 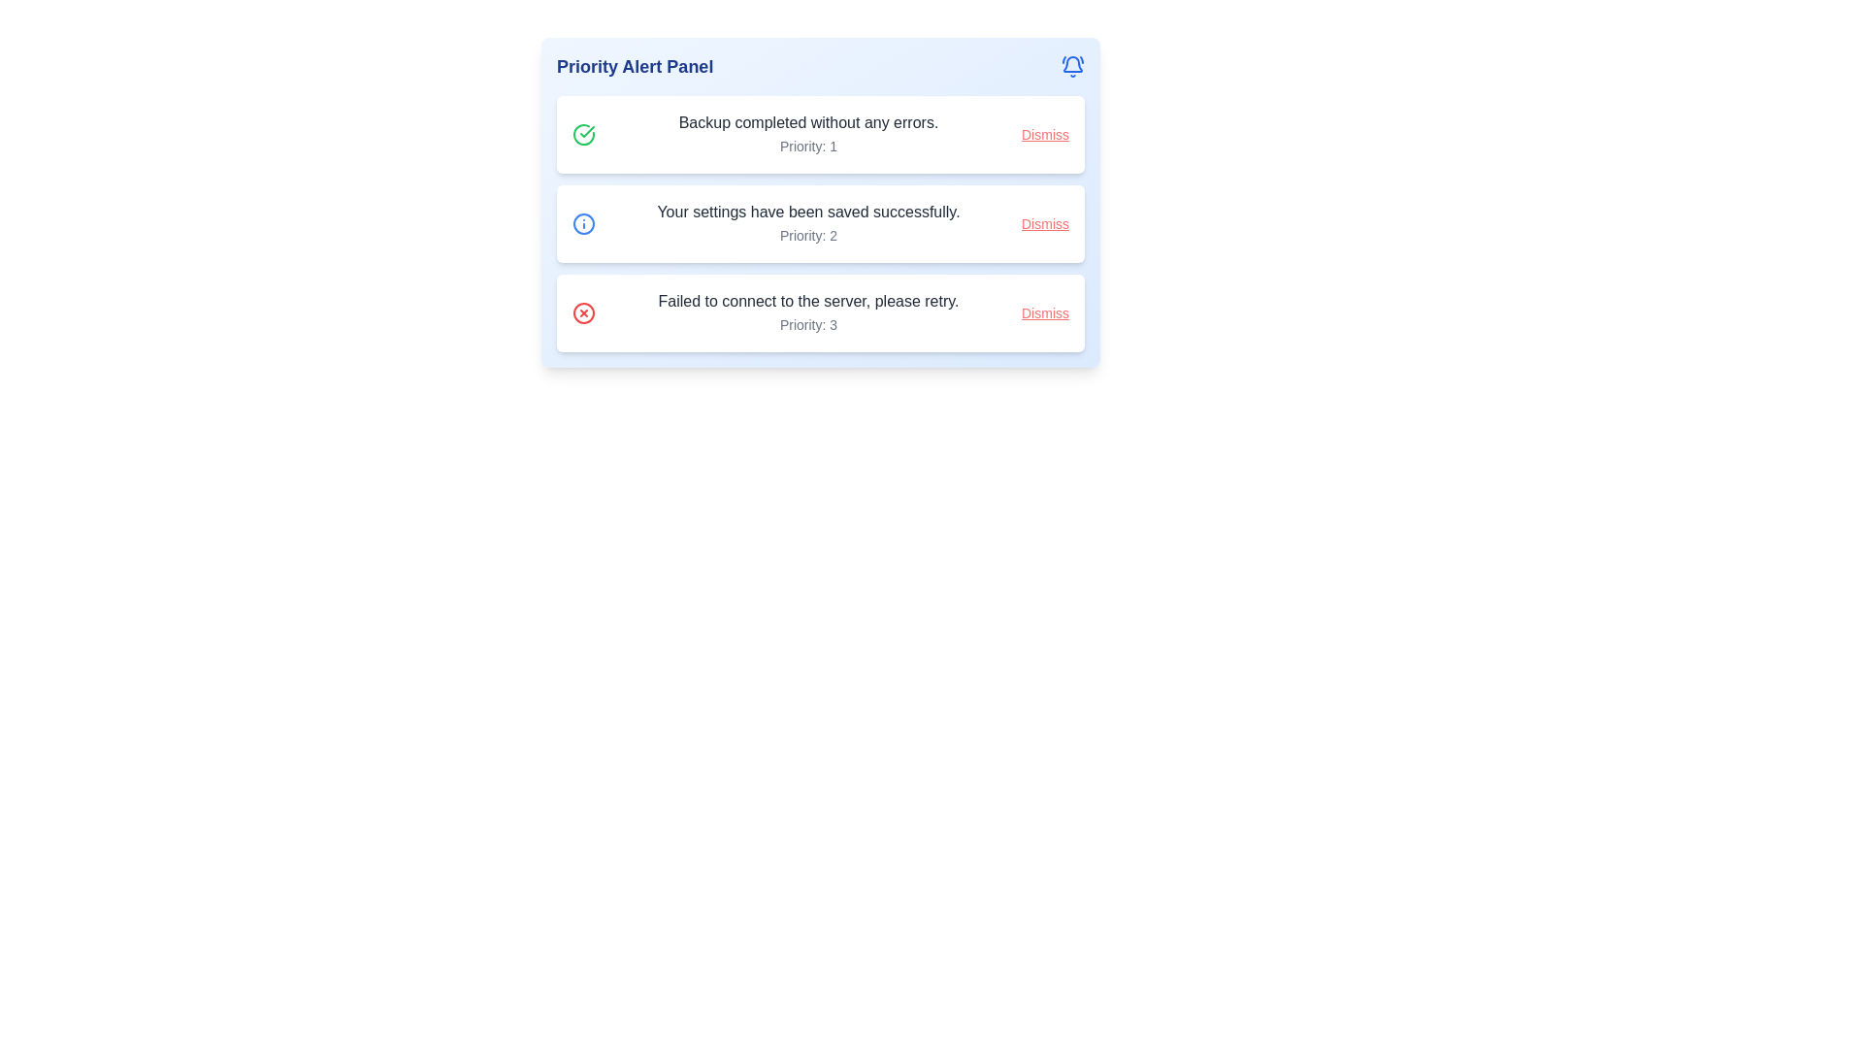 I want to click on the blue circular component of the informational icon within the SVG, which is located to the left of the second alert box in the Priority Alert Panel, so click(x=582, y=223).